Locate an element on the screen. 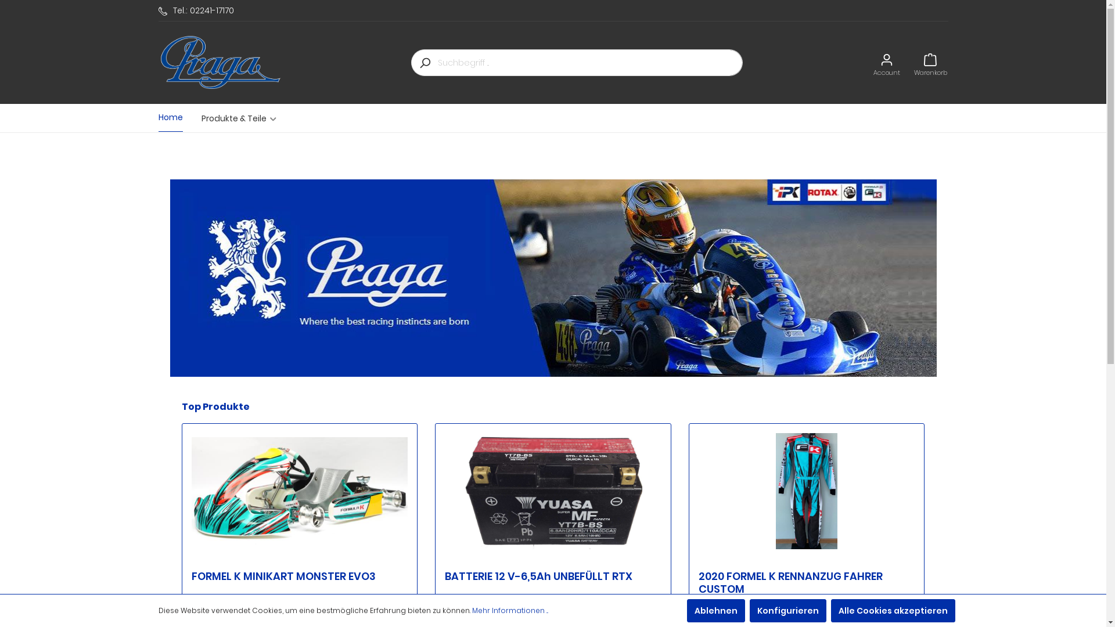  'Account' is located at coordinates (886, 63).